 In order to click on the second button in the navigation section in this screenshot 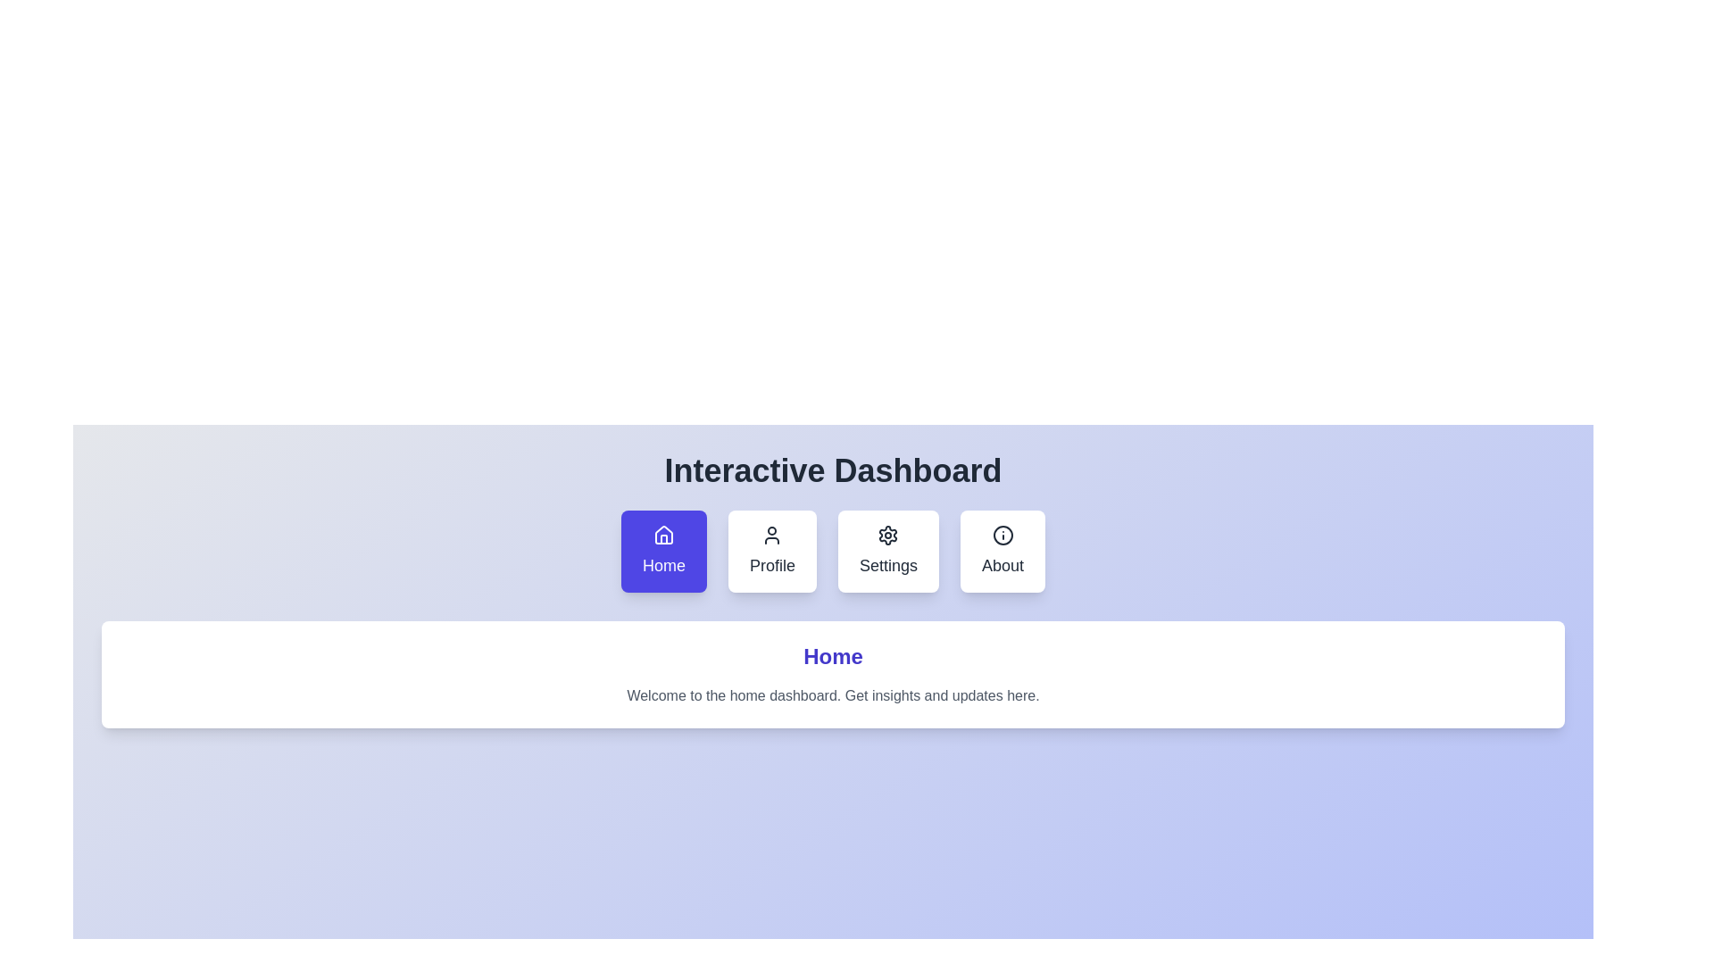, I will do `click(772, 550)`.